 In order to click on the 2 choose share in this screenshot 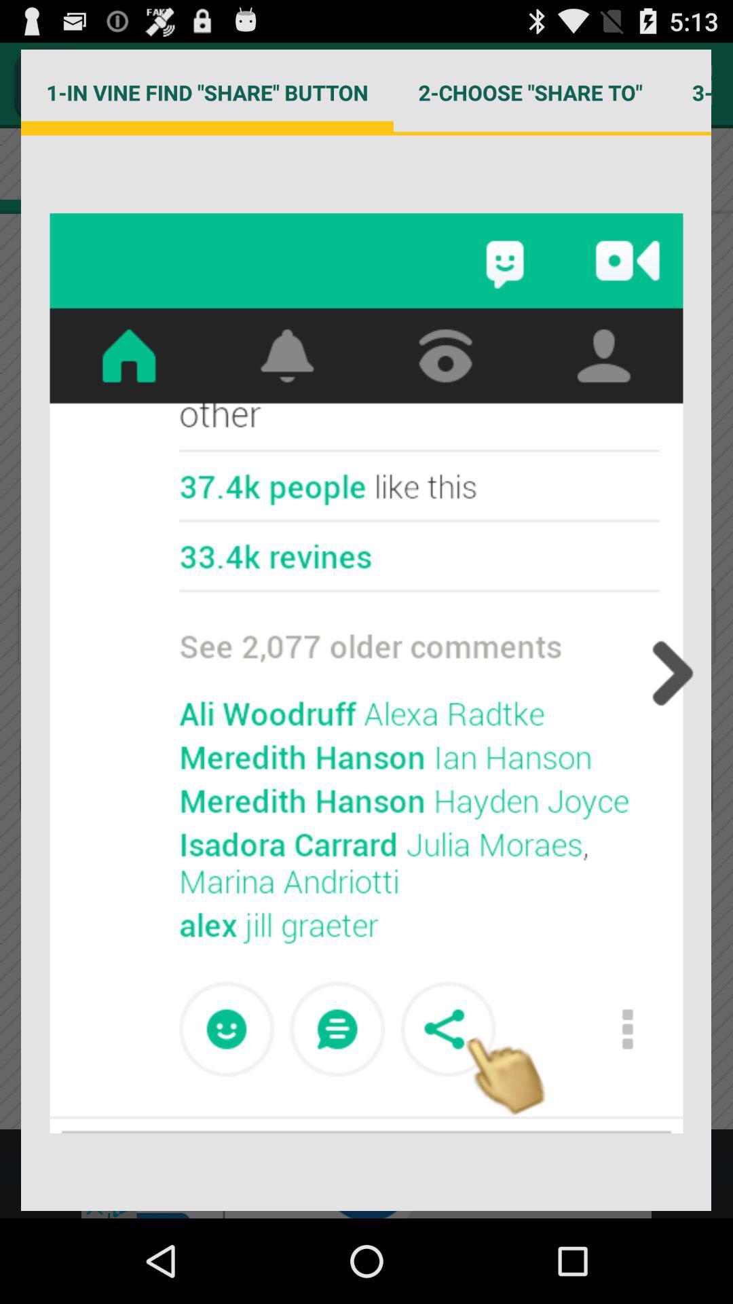, I will do `click(529, 92)`.